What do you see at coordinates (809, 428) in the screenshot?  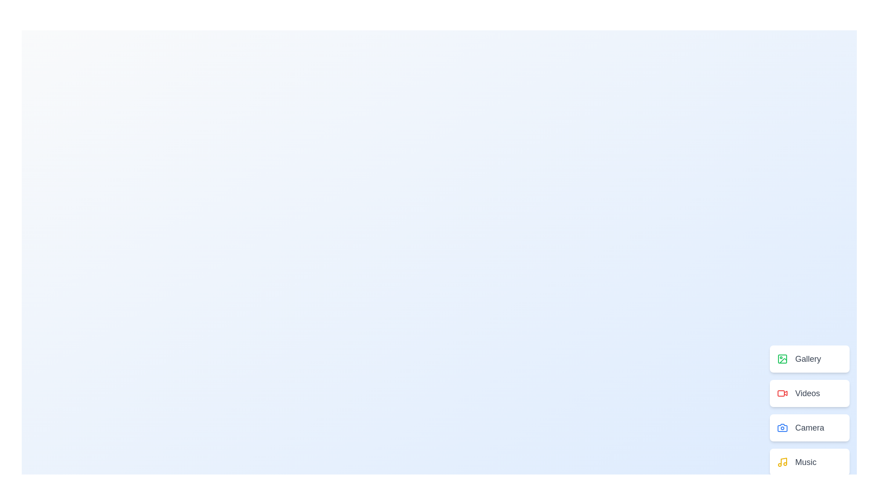 I see `the menu option labeled Camera` at bounding box center [809, 428].